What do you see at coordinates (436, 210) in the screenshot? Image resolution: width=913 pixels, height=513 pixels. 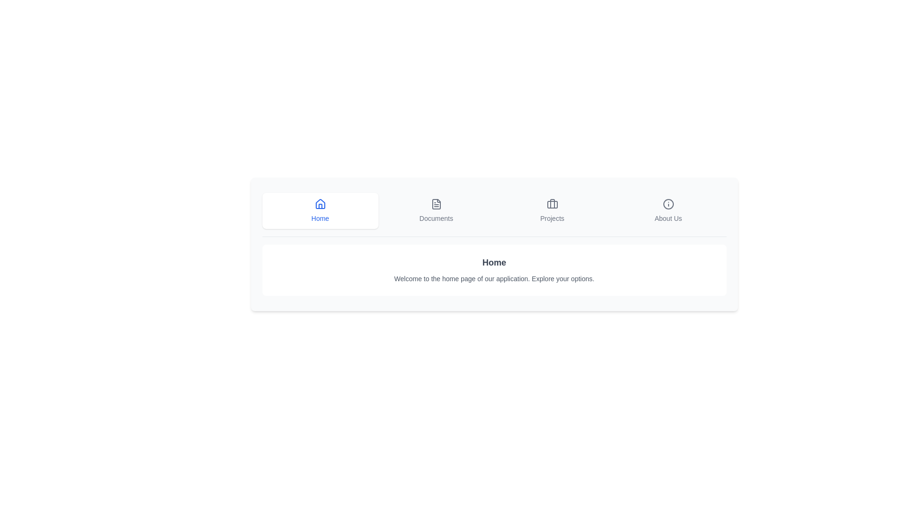 I see `the tab labeled Documents to observe the hover effect` at bounding box center [436, 210].